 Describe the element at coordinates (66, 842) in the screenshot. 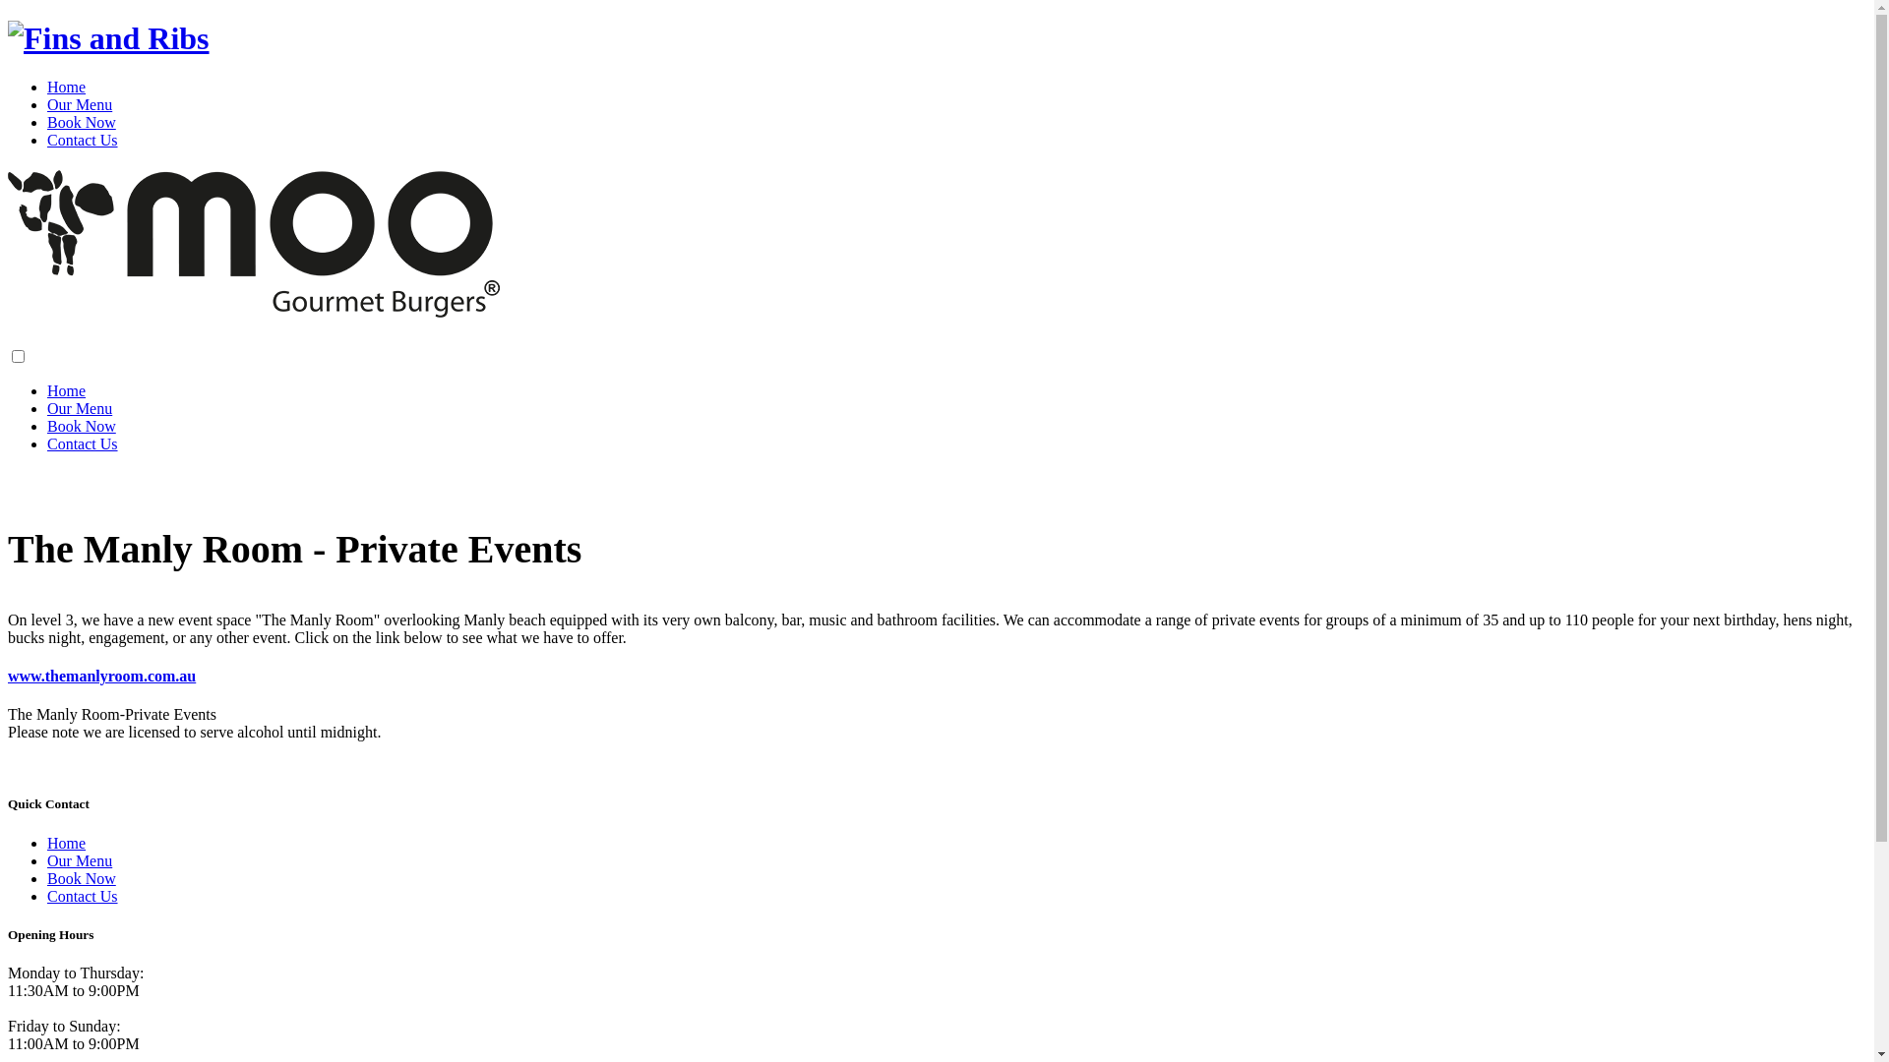

I see `'Home'` at that location.